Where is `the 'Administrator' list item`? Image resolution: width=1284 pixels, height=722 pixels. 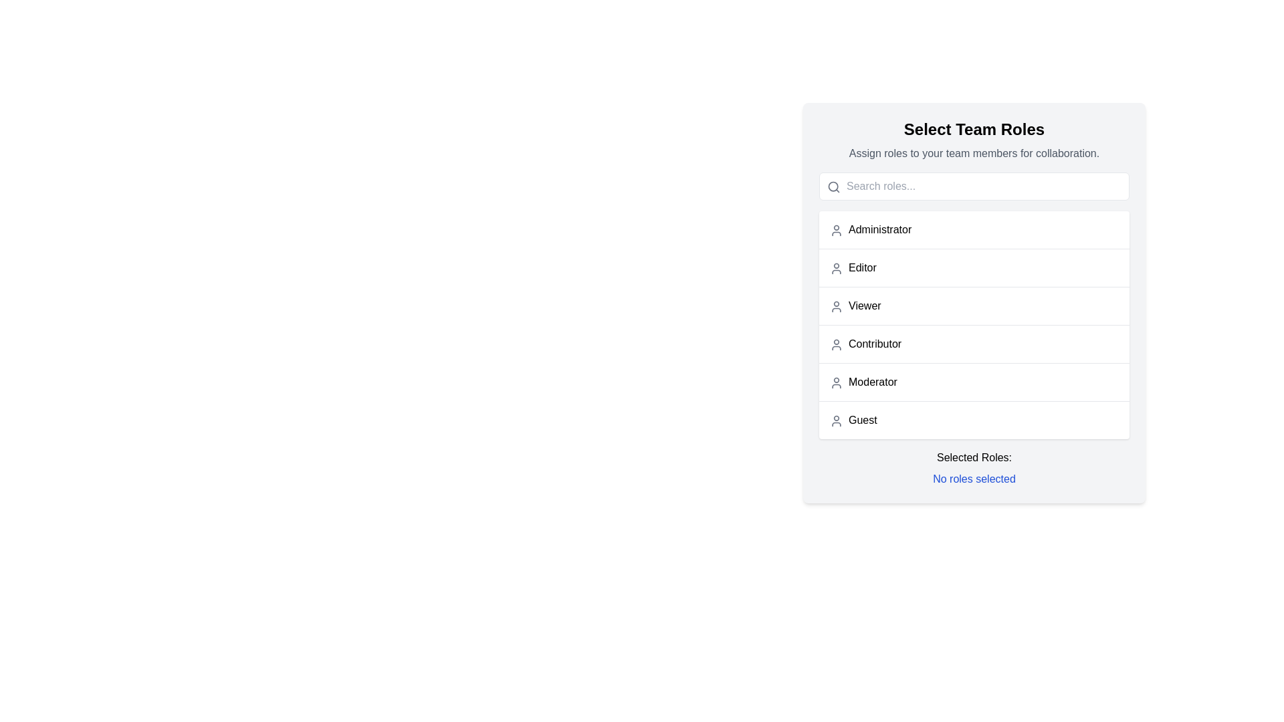 the 'Administrator' list item is located at coordinates (871, 229).